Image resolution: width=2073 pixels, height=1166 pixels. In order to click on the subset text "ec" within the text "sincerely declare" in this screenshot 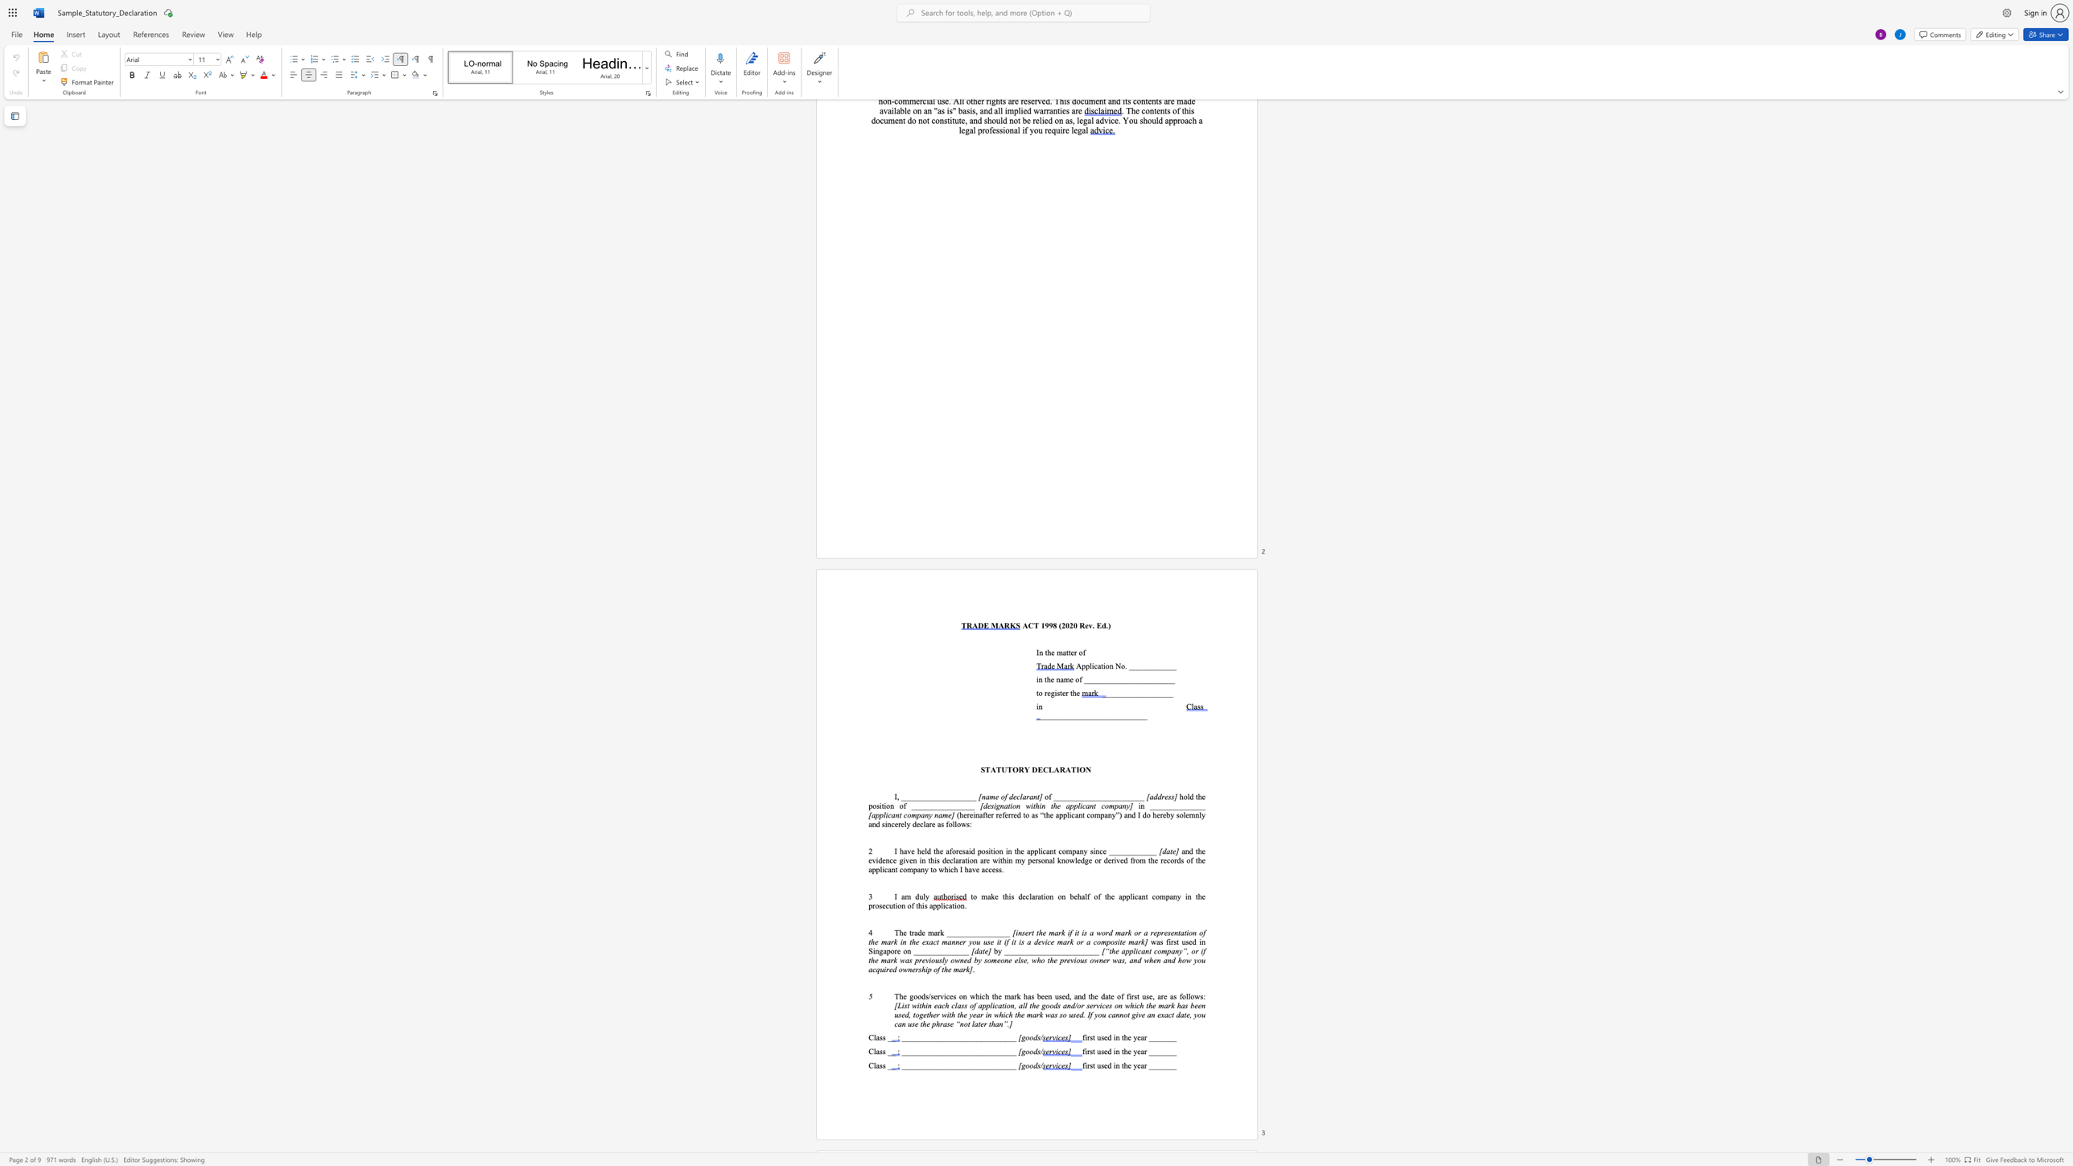, I will do `click(915, 823)`.